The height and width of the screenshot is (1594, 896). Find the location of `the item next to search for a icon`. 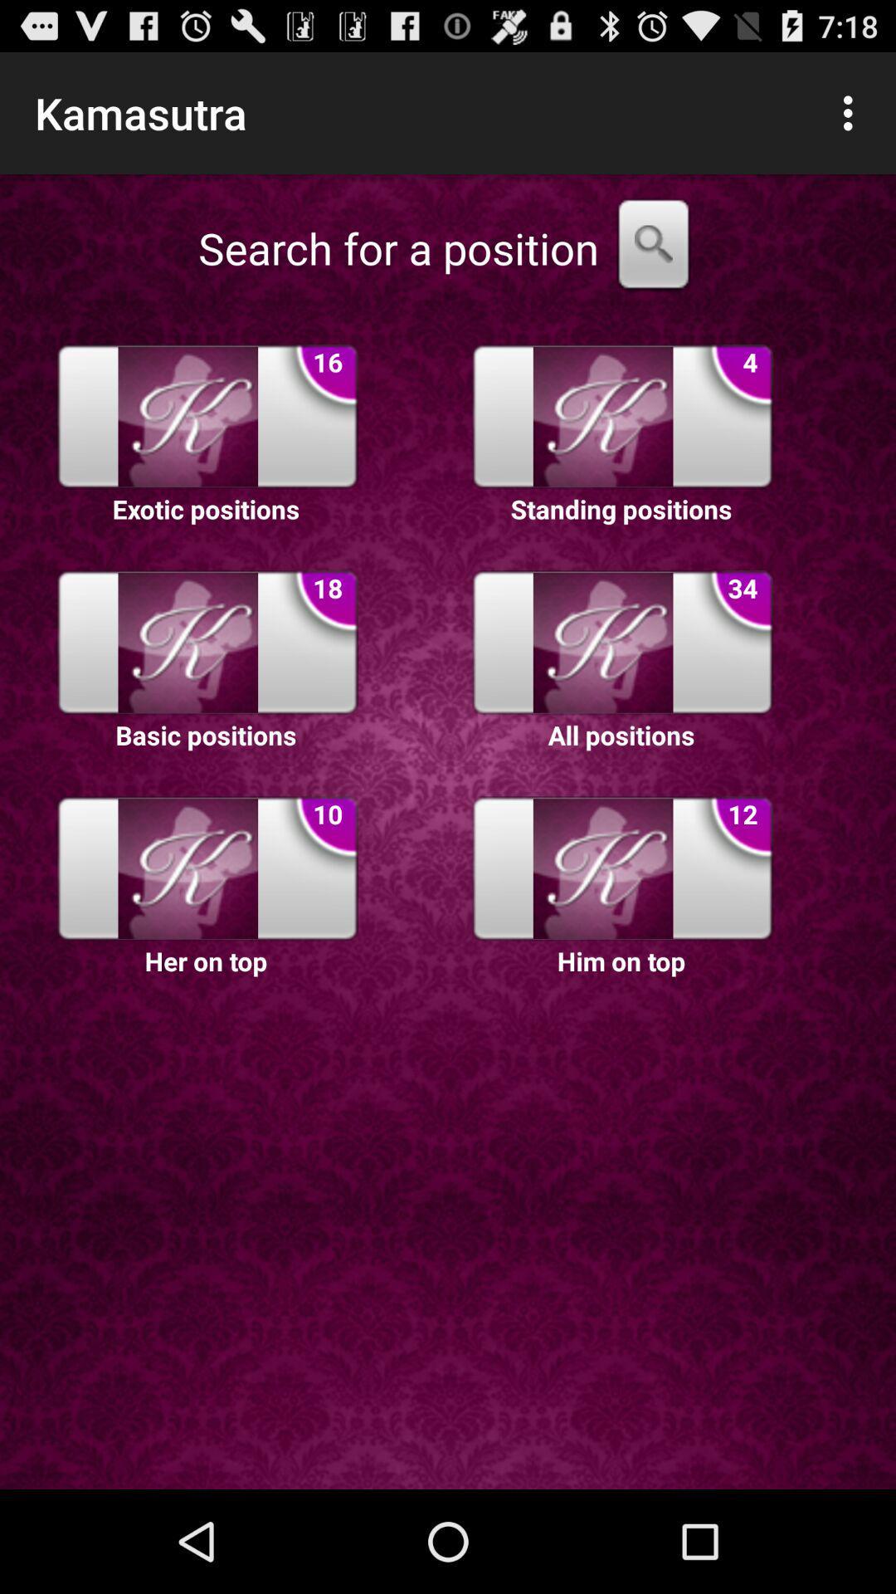

the item next to search for a icon is located at coordinates (652, 247).